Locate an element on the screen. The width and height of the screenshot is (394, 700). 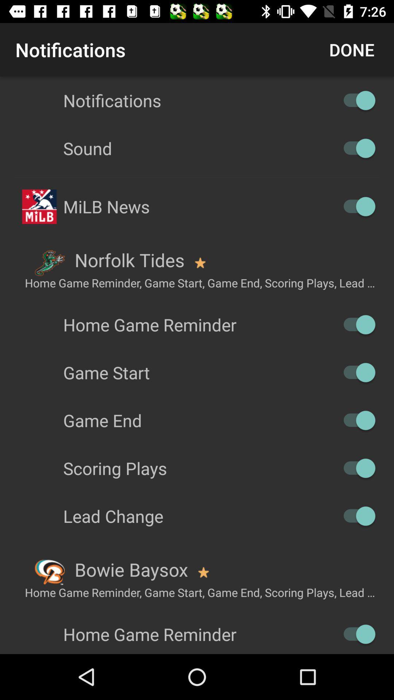
enable switch is located at coordinates (355, 324).